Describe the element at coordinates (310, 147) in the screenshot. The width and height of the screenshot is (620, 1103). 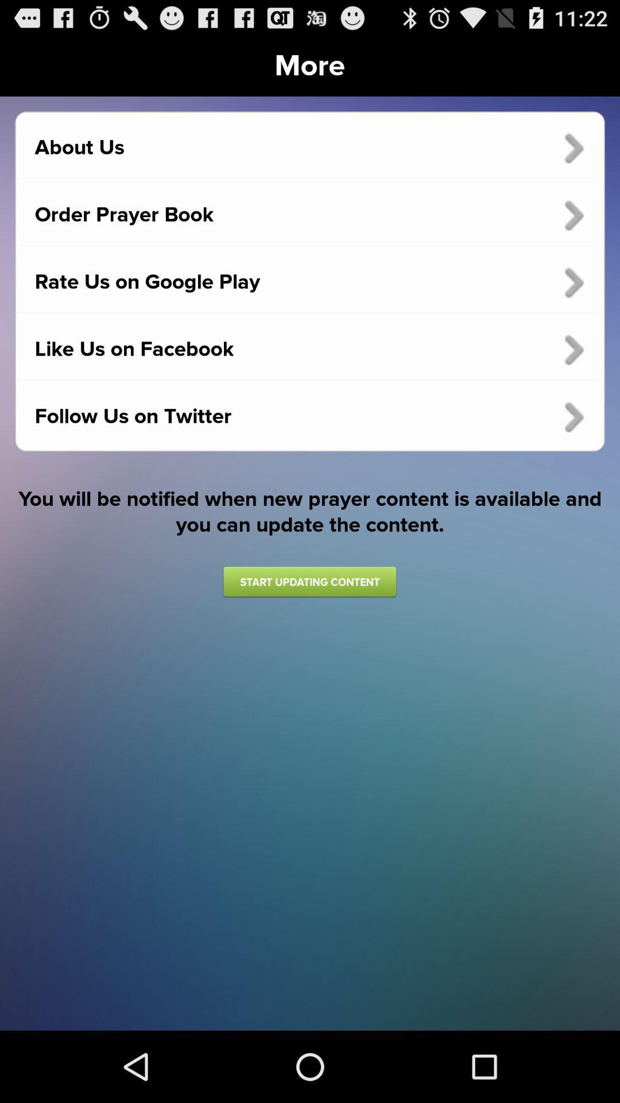
I see `about us app` at that location.